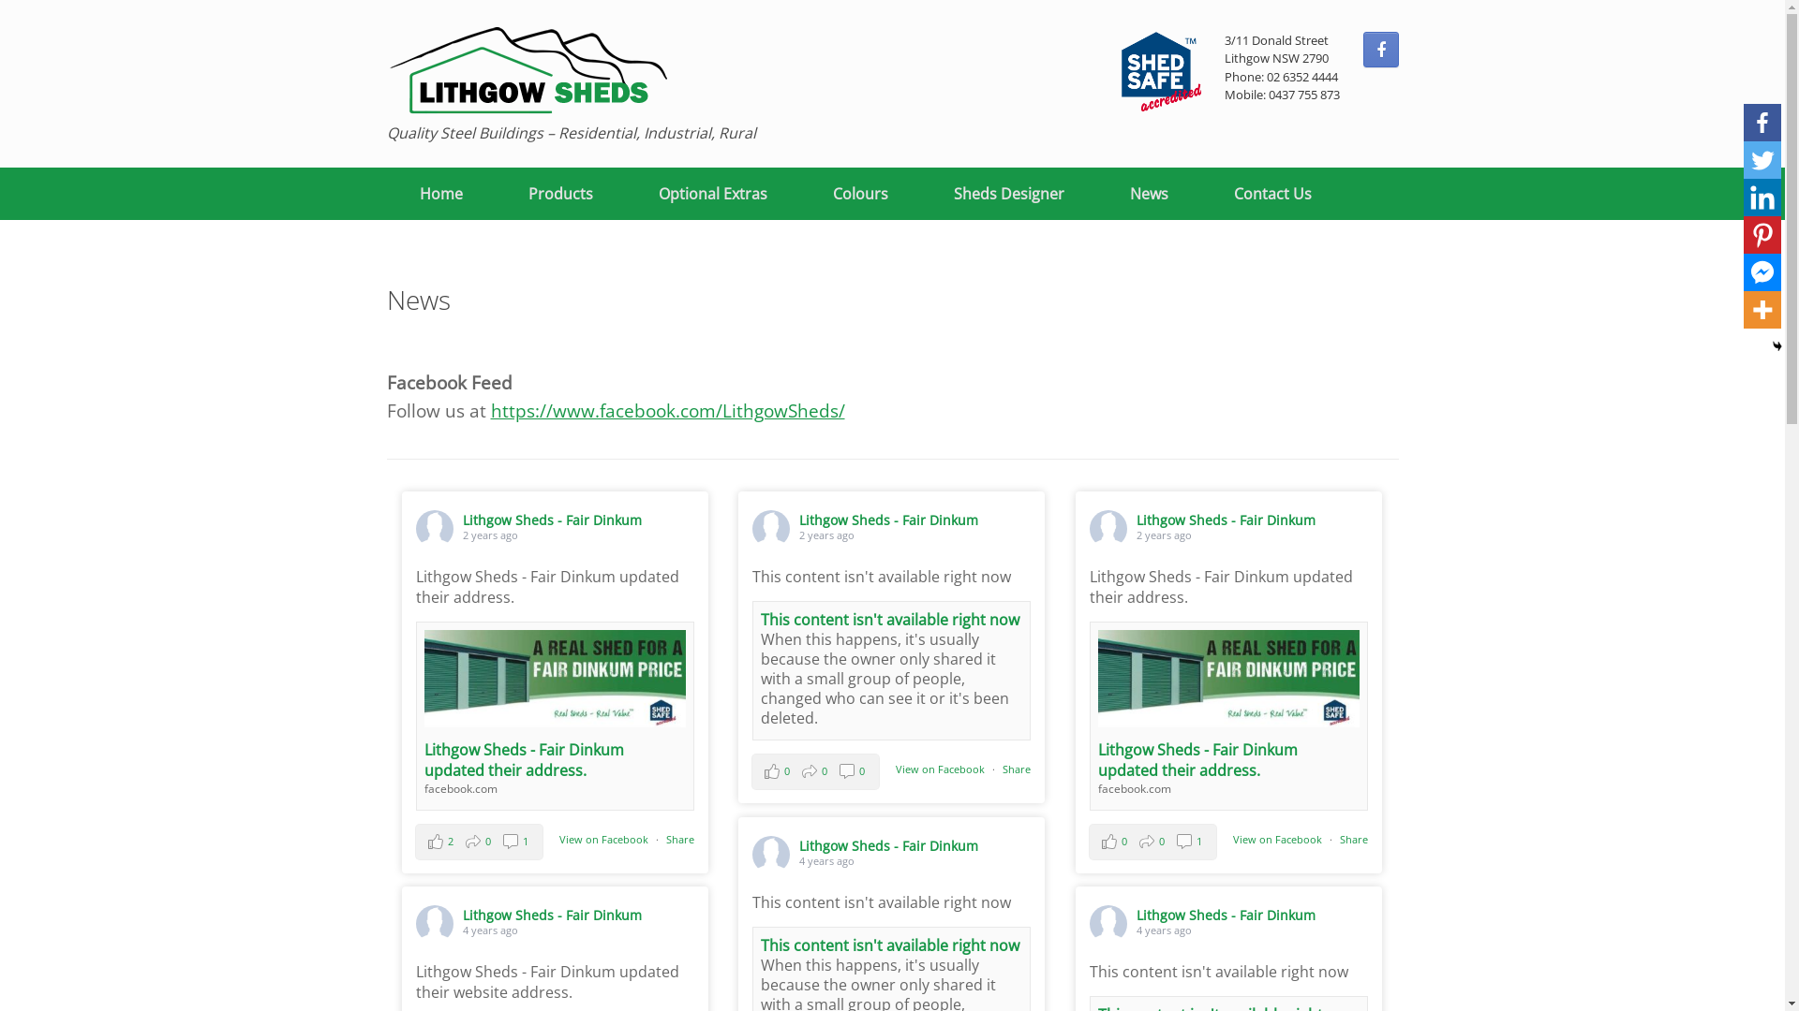 Image resolution: width=1799 pixels, height=1011 pixels. What do you see at coordinates (1762, 233) in the screenshot?
I see `'Pinterest'` at bounding box center [1762, 233].